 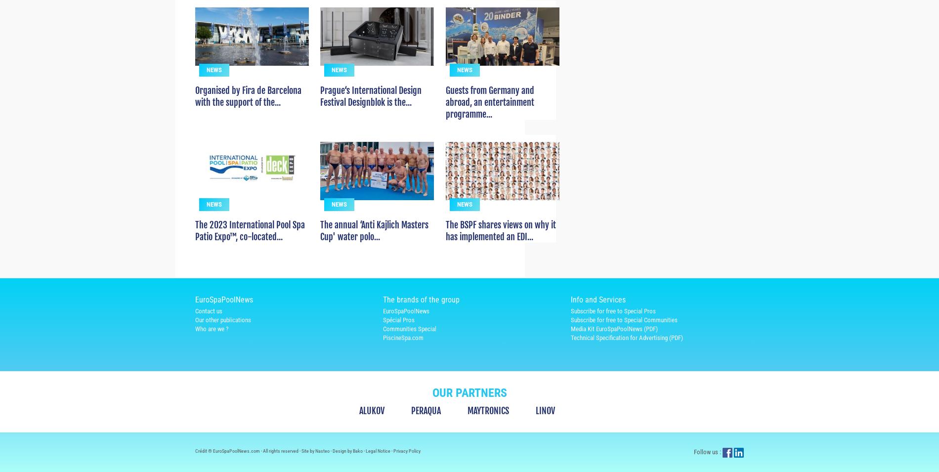 What do you see at coordinates (598, 317) in the screenshot?
I see `'Info and Services'` at bounding box center [598, 317].